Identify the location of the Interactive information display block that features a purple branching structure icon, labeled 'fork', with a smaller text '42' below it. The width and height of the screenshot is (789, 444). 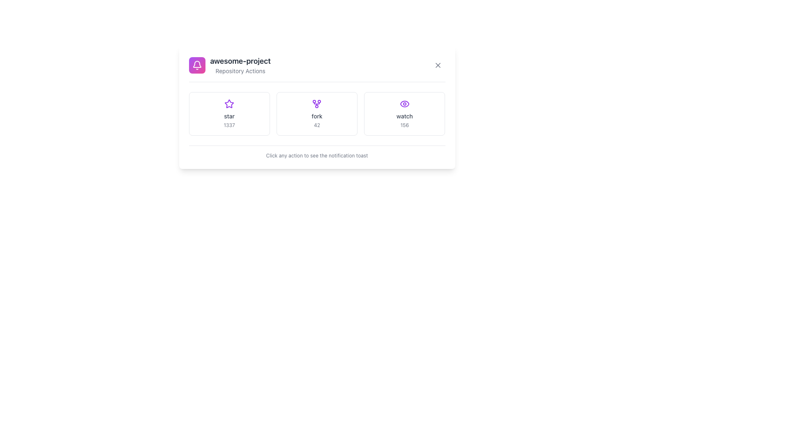
(316, 114).